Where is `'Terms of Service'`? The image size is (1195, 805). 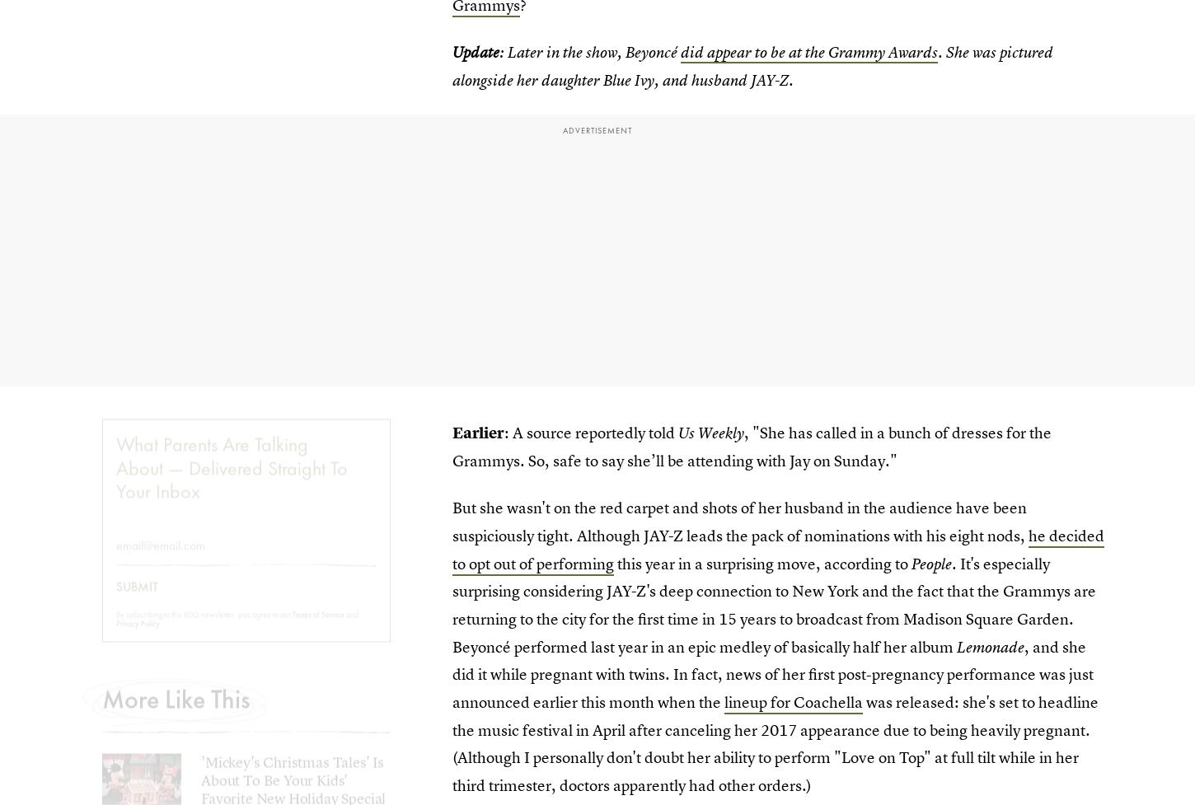 'Terms of Service' is located at coordinates (317, 628).